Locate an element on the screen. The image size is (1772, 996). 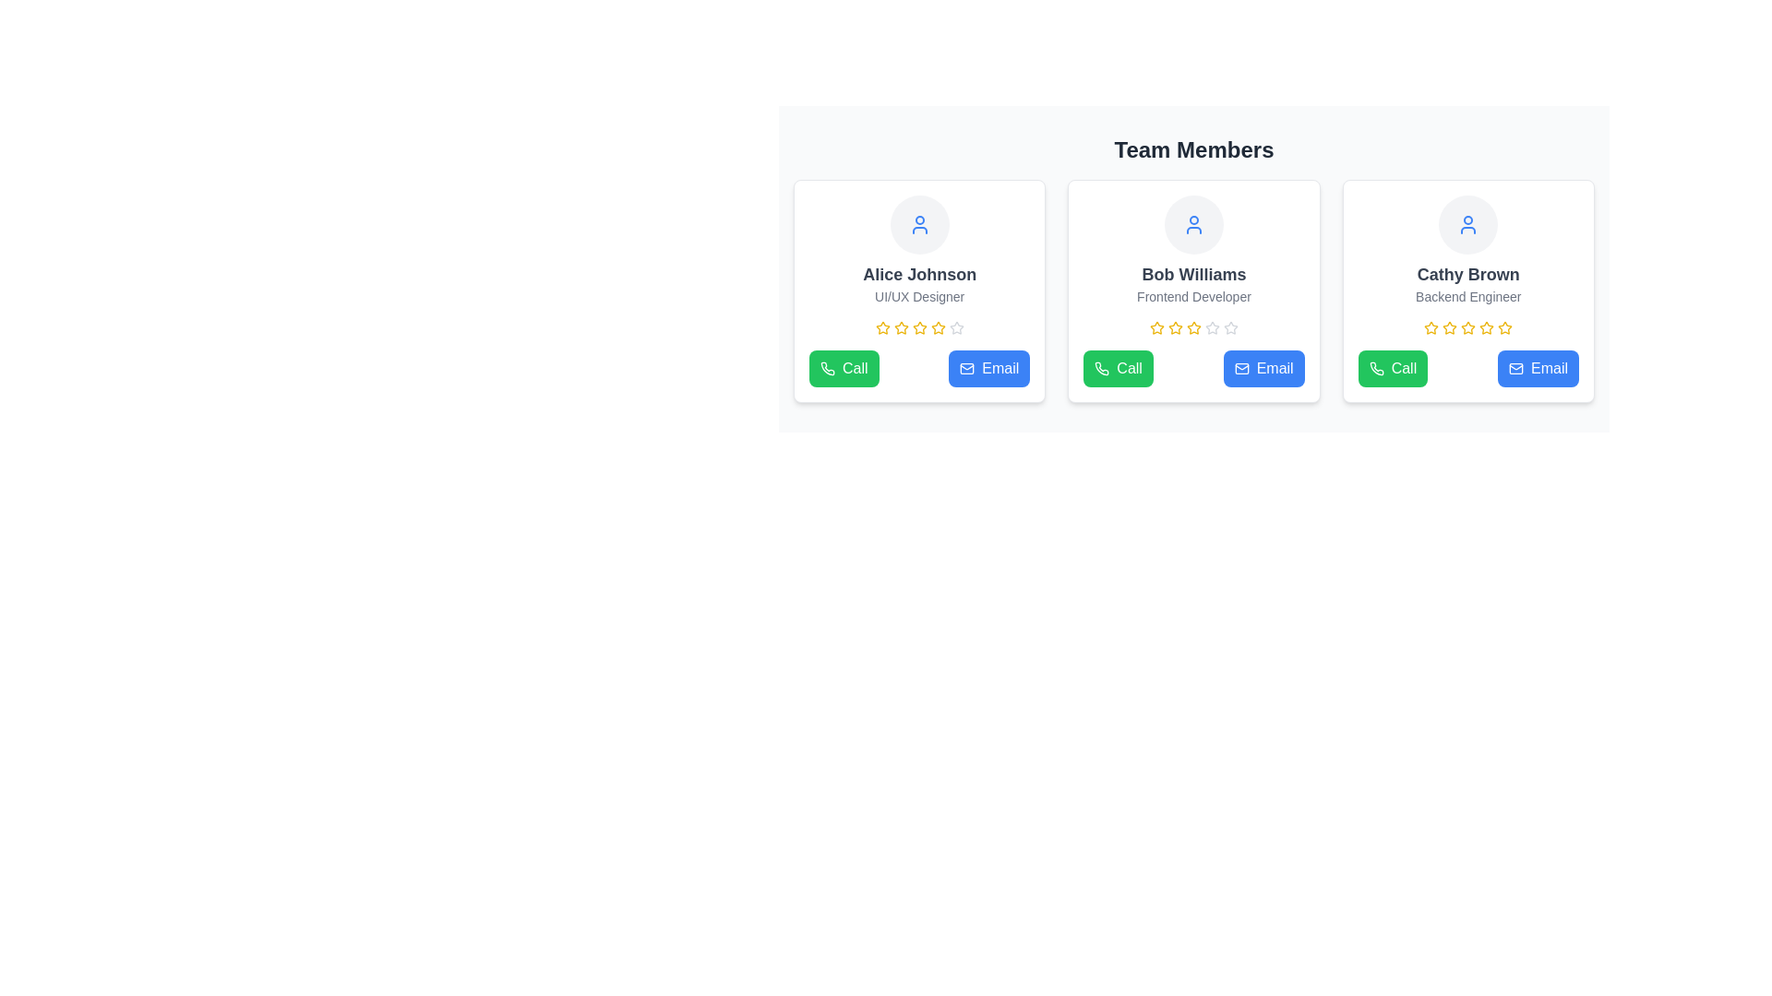
the 'Email' button represented by the envelope icon for Bob Williams located at the center of the 'Team Members' section is located at coordinates (1241, 369).